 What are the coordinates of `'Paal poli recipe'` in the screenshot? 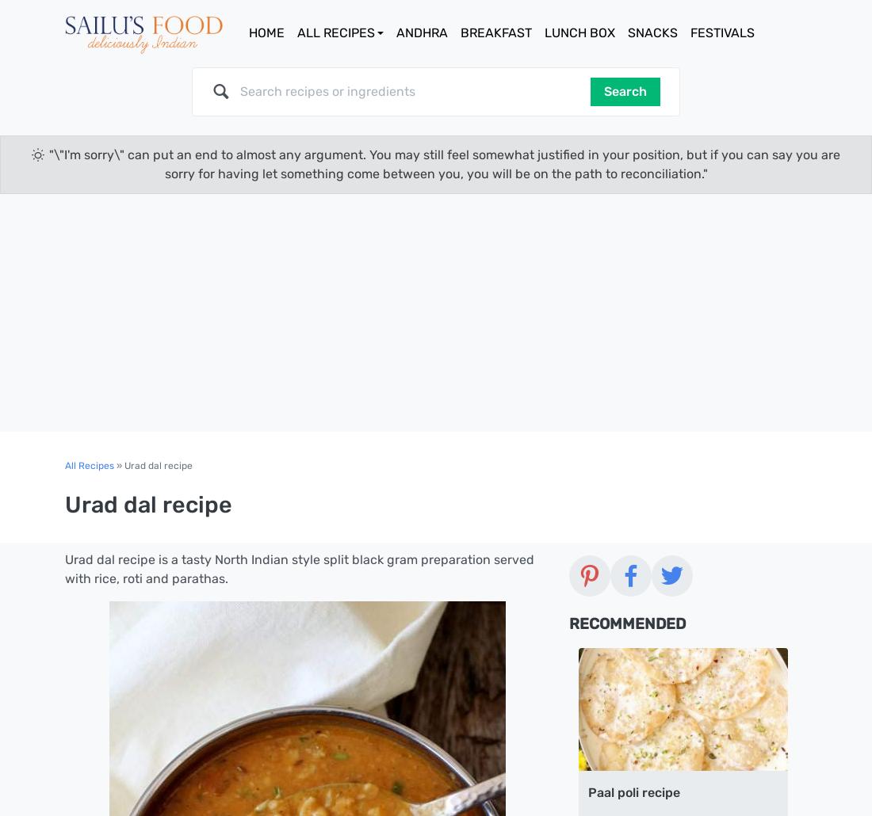 It's located at (587, 791).